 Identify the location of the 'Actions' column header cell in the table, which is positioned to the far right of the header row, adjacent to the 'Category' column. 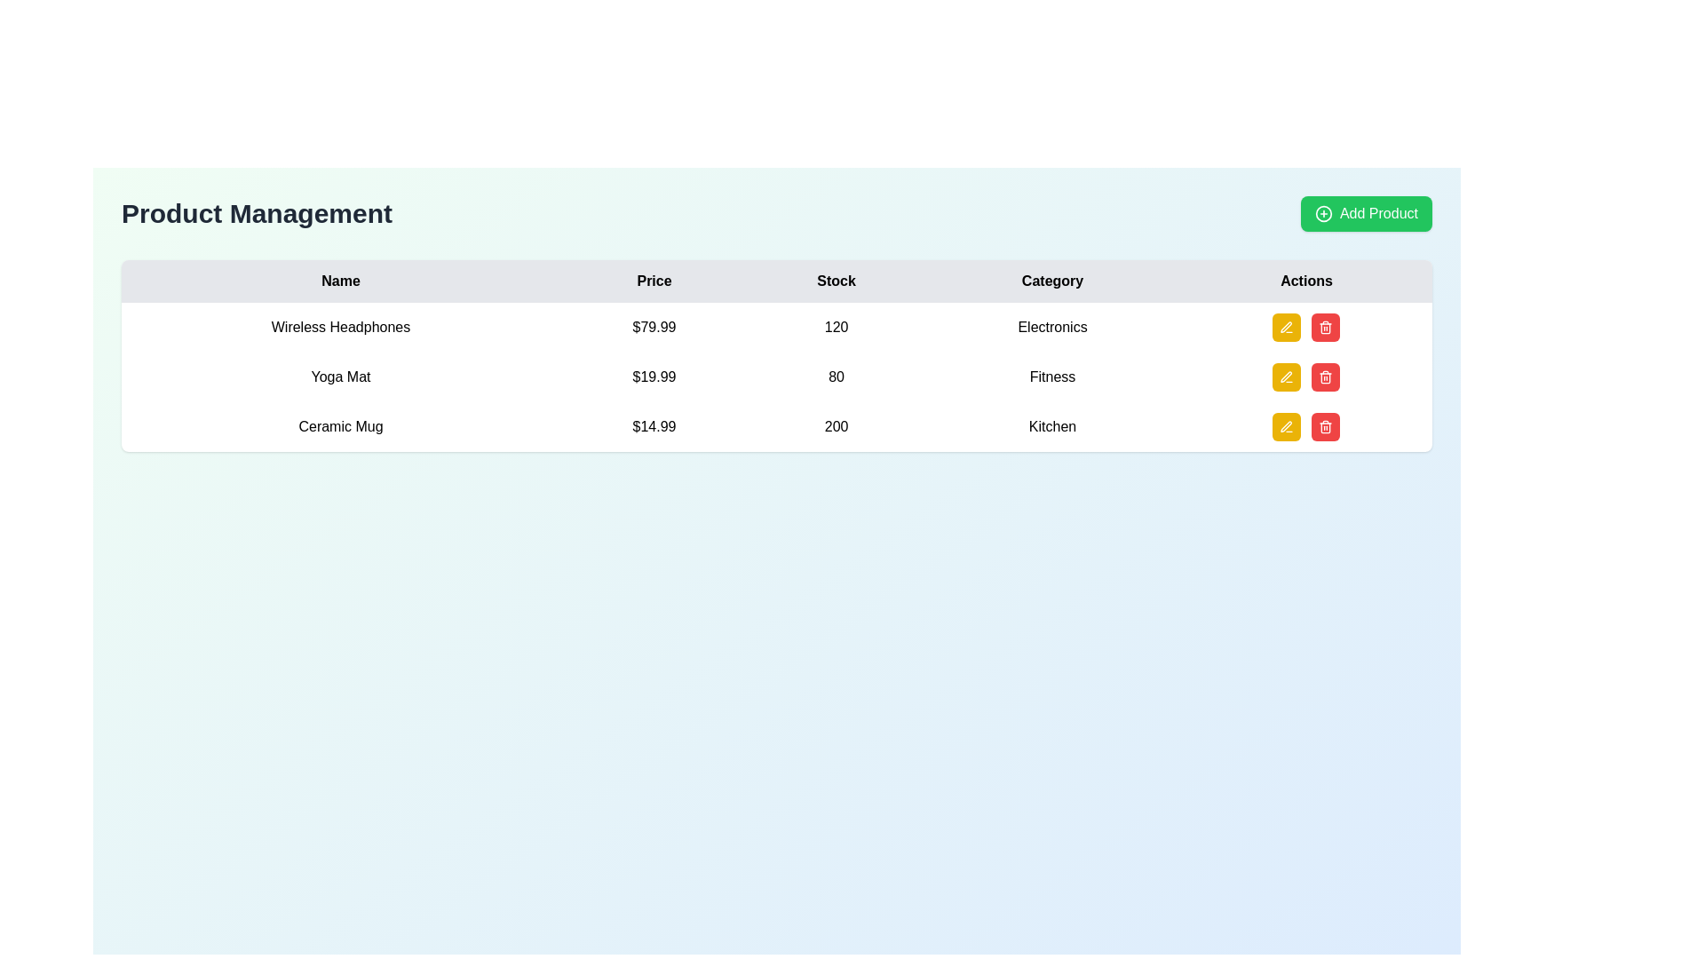
(1306, 280).